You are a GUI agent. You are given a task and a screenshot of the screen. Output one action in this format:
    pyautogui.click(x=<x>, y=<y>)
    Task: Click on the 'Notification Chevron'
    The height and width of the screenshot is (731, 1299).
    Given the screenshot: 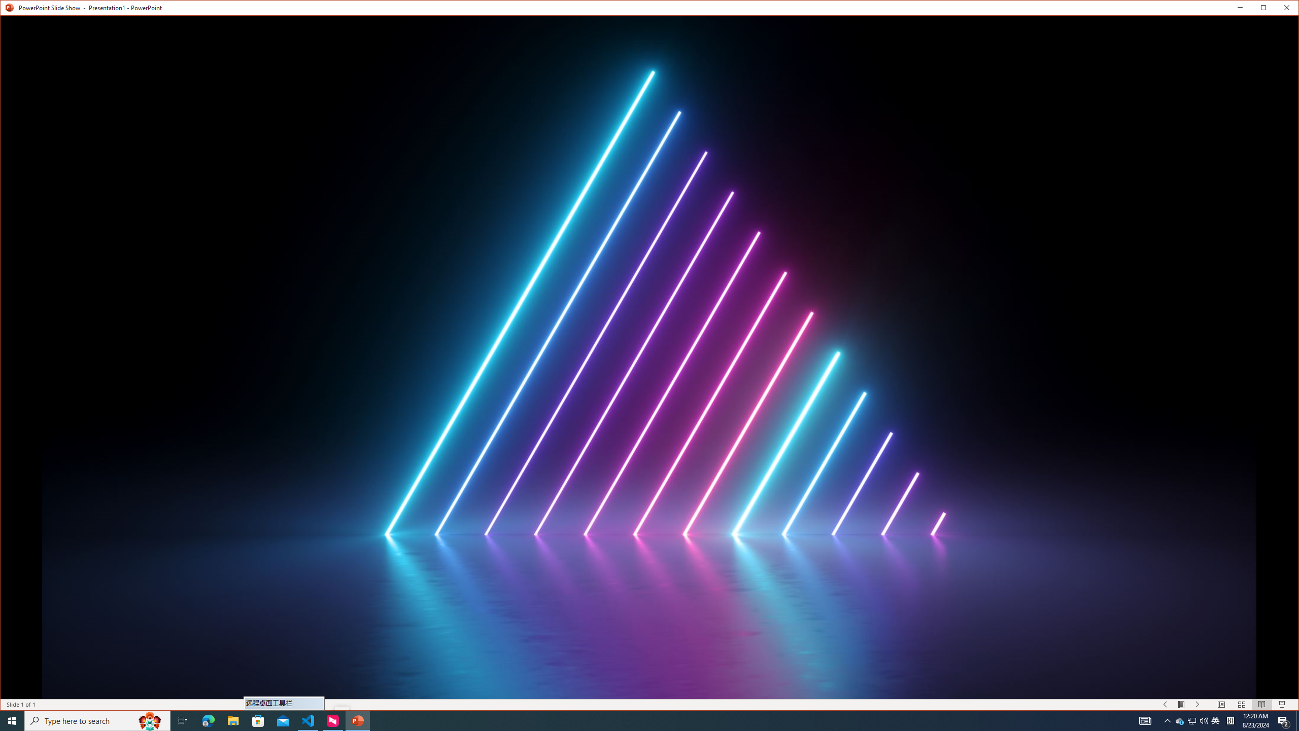 What is the action you would take?
    pyautogui.click(x=1167, y=720)
    